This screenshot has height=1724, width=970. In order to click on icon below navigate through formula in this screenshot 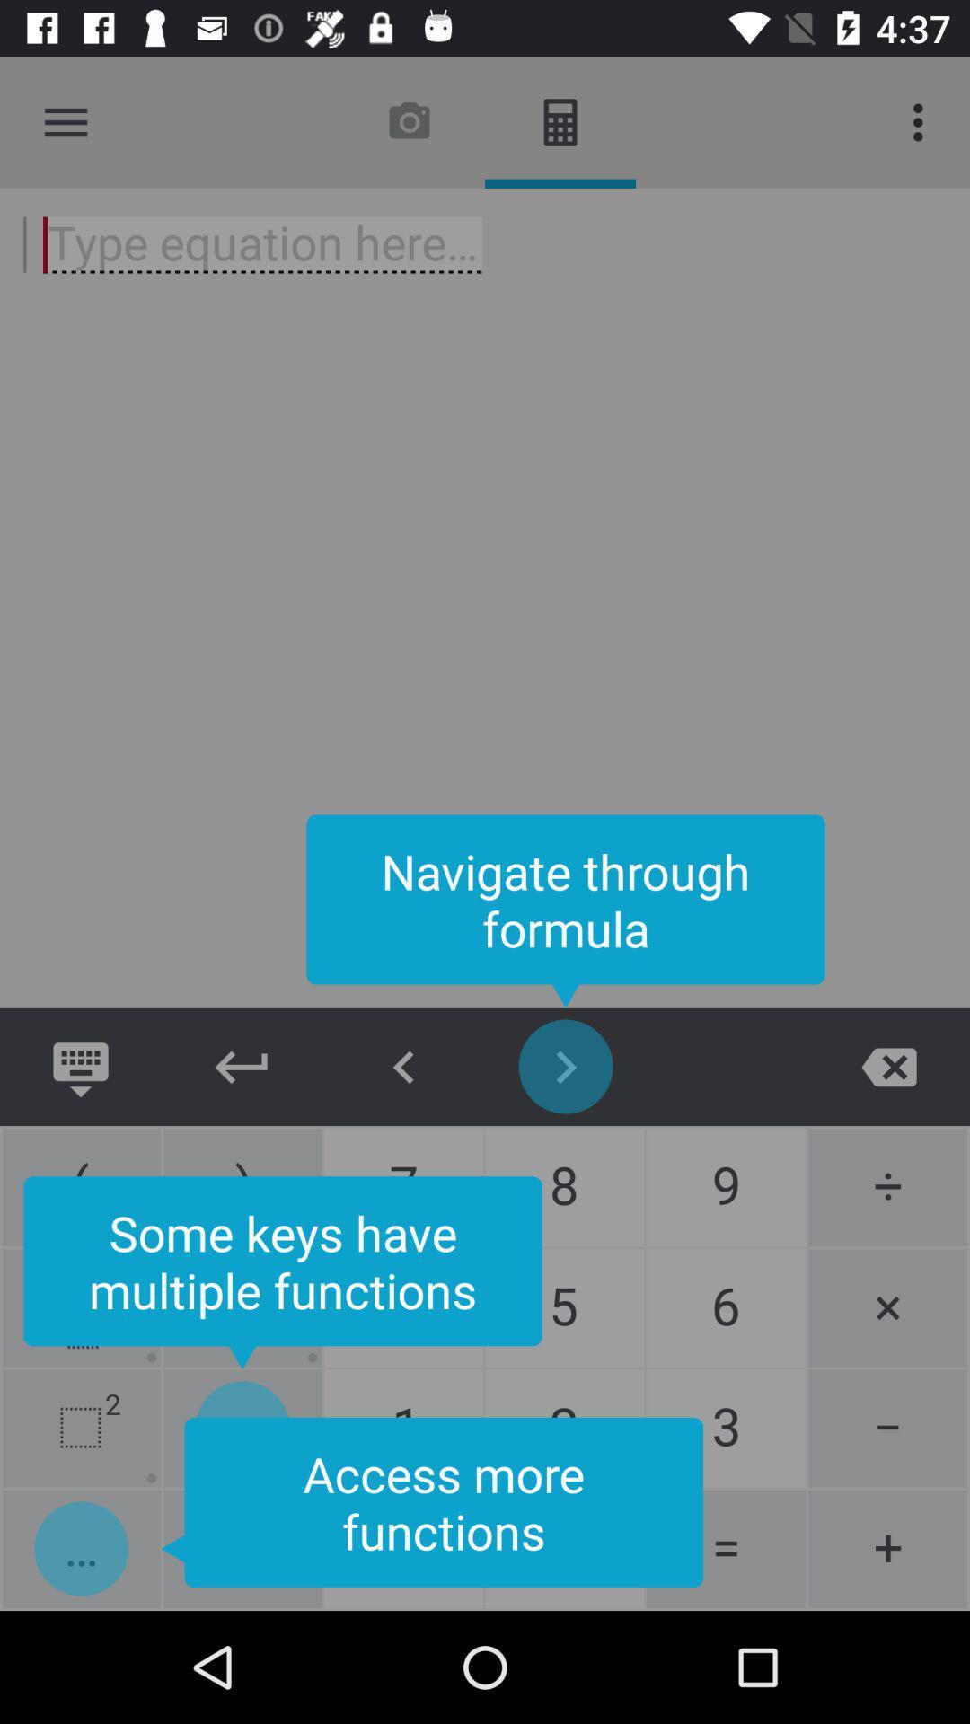, I will do `click(564, 1067)`.